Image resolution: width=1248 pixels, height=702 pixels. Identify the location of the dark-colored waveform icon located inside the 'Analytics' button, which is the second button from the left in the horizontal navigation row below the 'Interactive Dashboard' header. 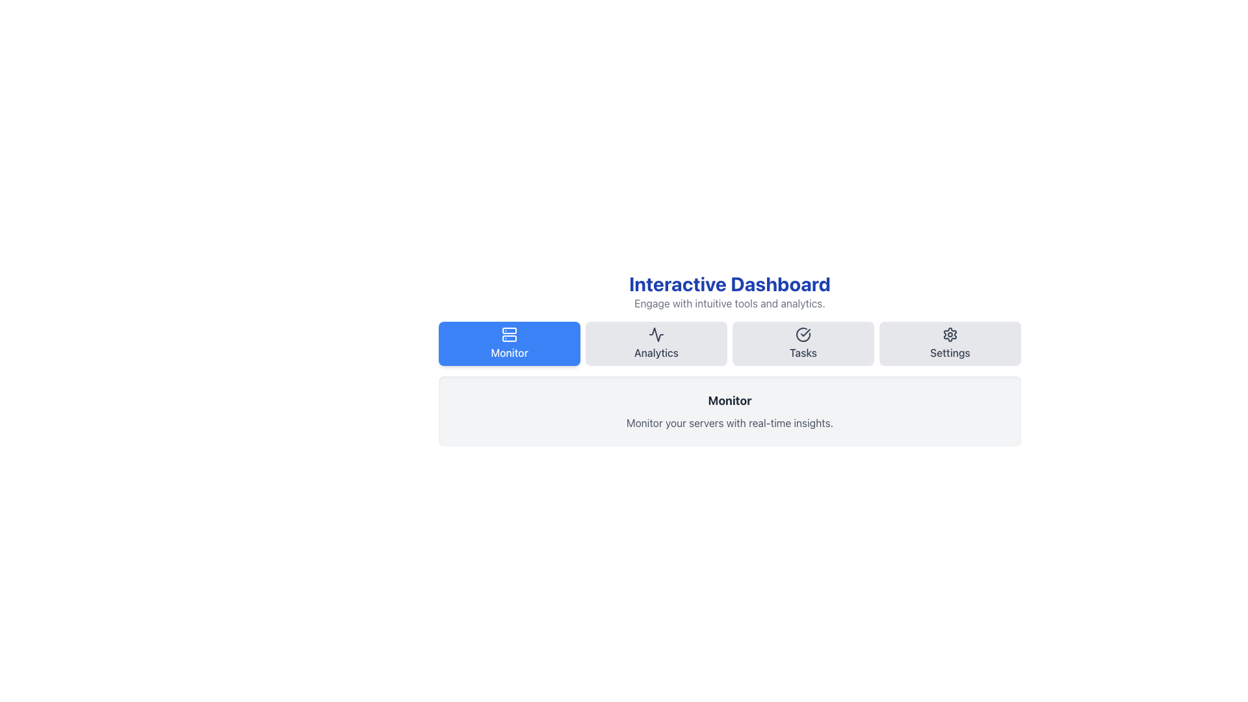
(656, 334).